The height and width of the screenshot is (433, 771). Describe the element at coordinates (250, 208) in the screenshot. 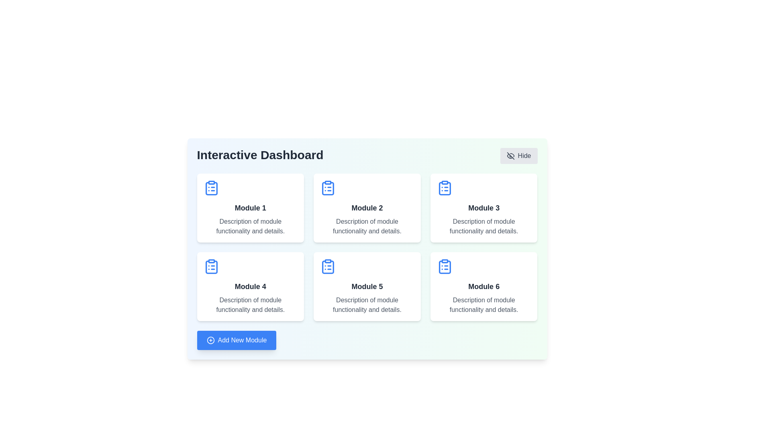

I see `the first card in the module grid, which features a blue clipboard icon and contains the text 'Module 1' and its description` at that location.